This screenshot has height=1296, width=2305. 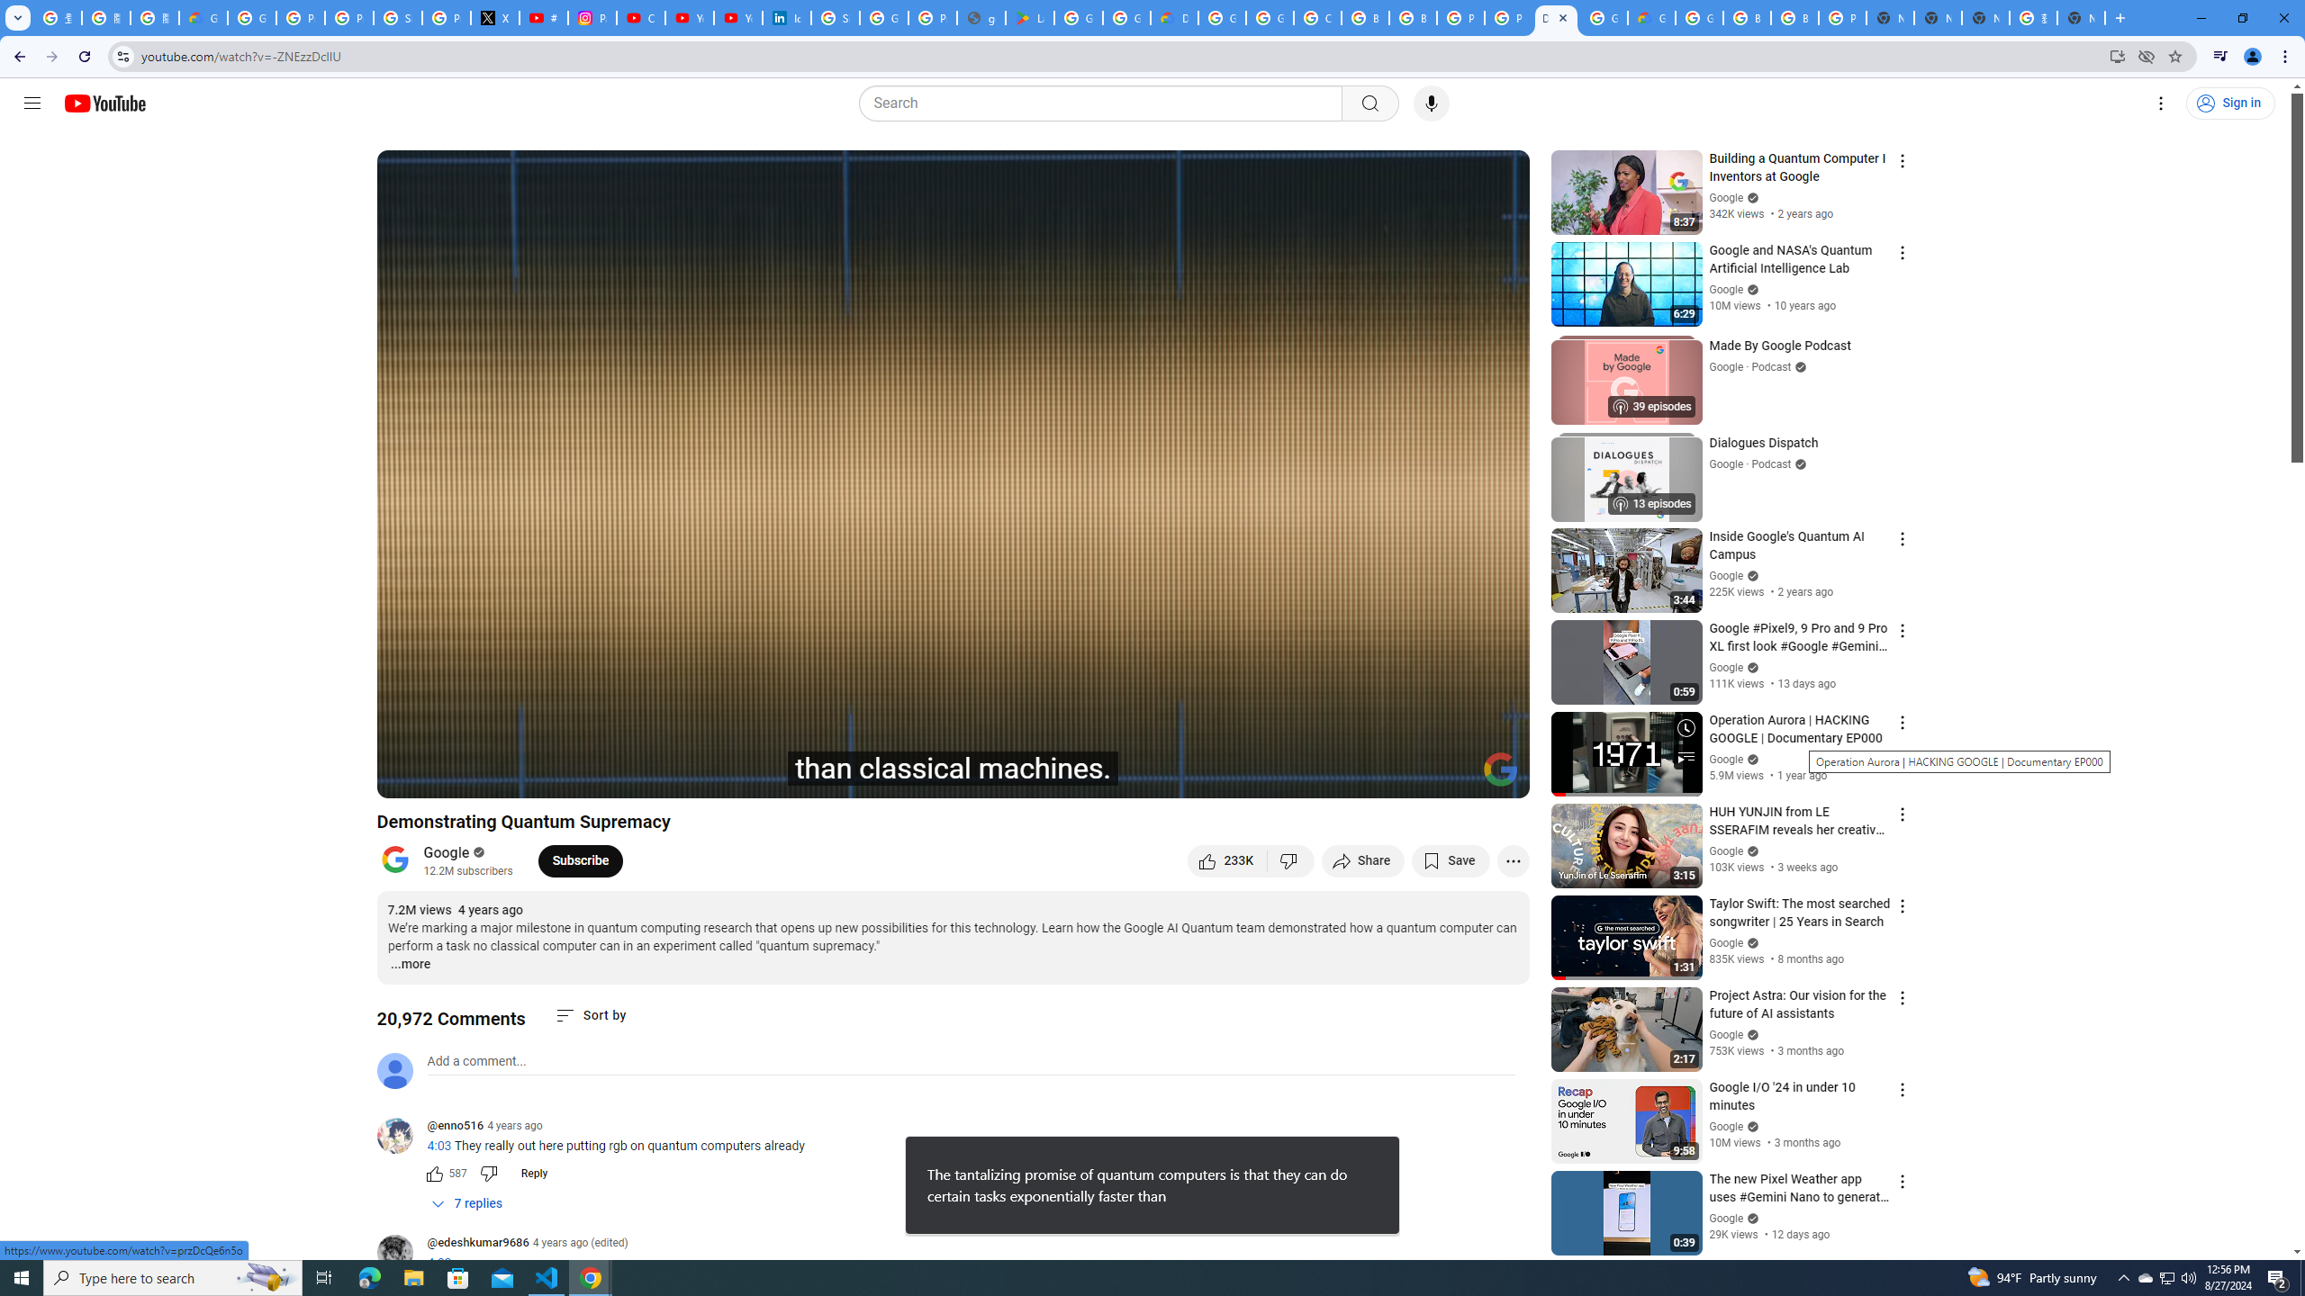 What do you see at coordinates (737, 17) in the screenshot?
I see `'YouTube Culture & Trends - YouTube Top 10, 2021'` at bounding box center [737, 17].